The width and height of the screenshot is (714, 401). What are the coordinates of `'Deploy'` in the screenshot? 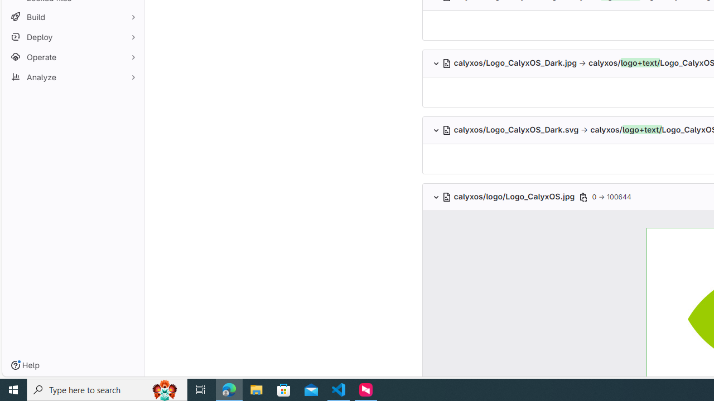 It's located at (73, 36).